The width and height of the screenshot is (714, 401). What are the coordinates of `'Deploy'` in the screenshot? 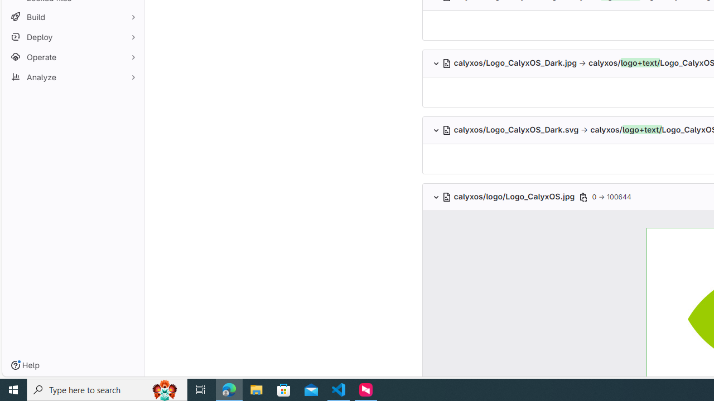 It's located at (73, 36).